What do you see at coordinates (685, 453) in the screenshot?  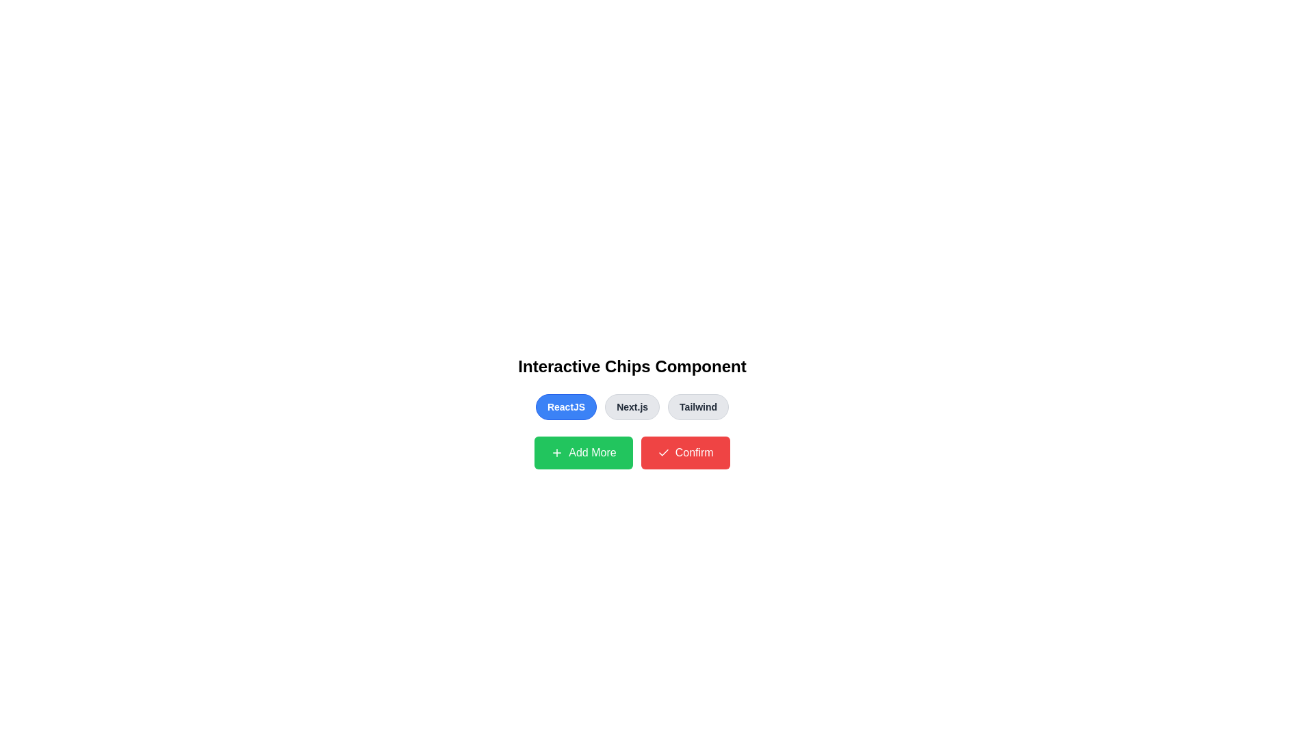 I see `the 'Confirm' button to confirm the selection` at bounding box center [685, 453].